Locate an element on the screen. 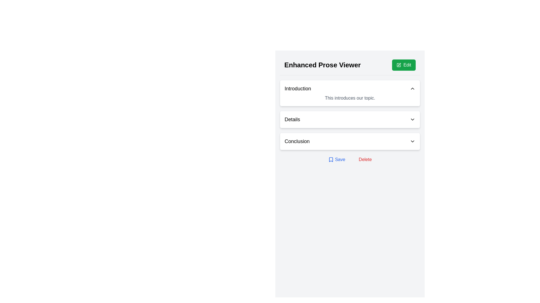 This screenshot has width=540, height=303. the text label 'Details', which serves as a header for expanding or collapsing additional information in the middle section of the interface is located at coordinates (292, 119).